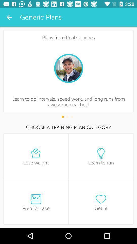 This screenshot has width=137, height=244. I want to click on item to the left of the generic plans, so click(9, 17).